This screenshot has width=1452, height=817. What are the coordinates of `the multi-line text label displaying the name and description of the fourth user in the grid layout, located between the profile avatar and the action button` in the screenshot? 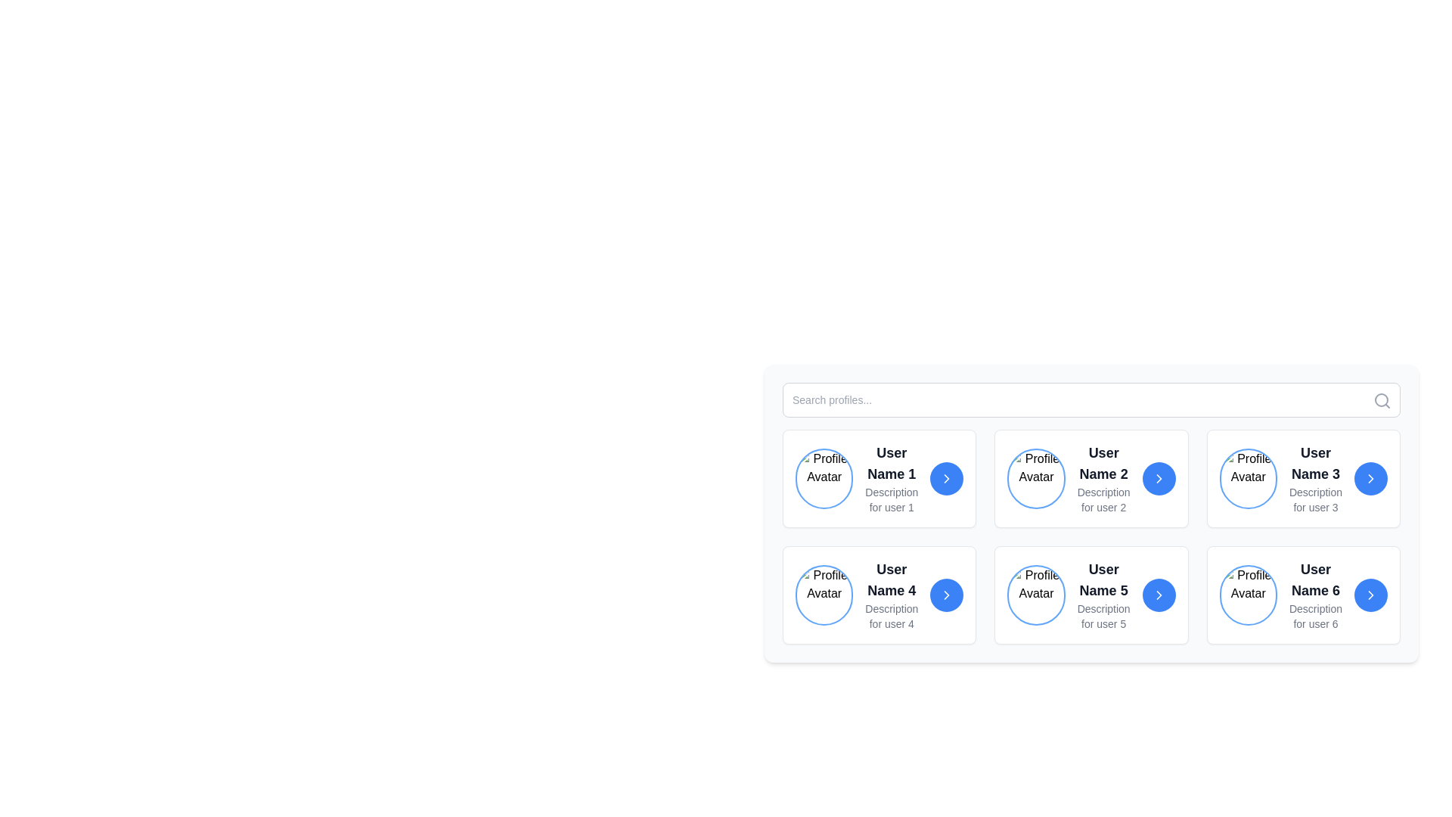 It's located at (892, 594).